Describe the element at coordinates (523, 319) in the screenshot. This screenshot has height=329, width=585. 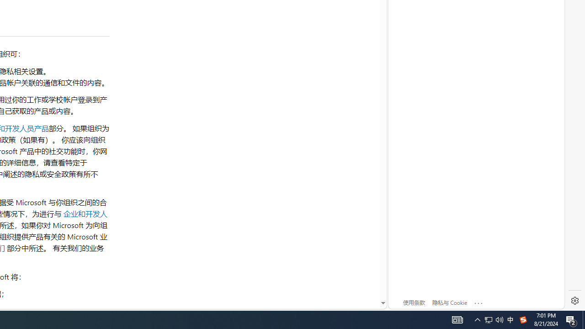
I see `'Tray Input Indicator - Chinese (Simplified, China)'` at that location.